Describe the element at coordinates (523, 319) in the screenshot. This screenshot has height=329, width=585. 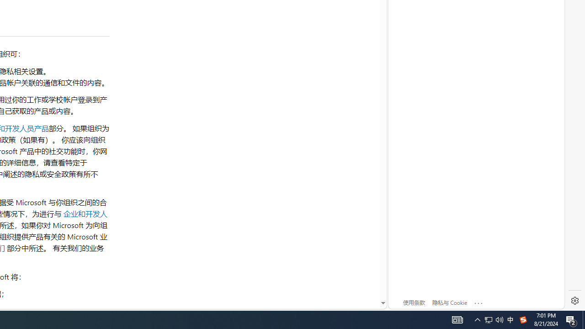
I see `'Tray Input Indicator - Chinese (Simplified, China)'` at that location.